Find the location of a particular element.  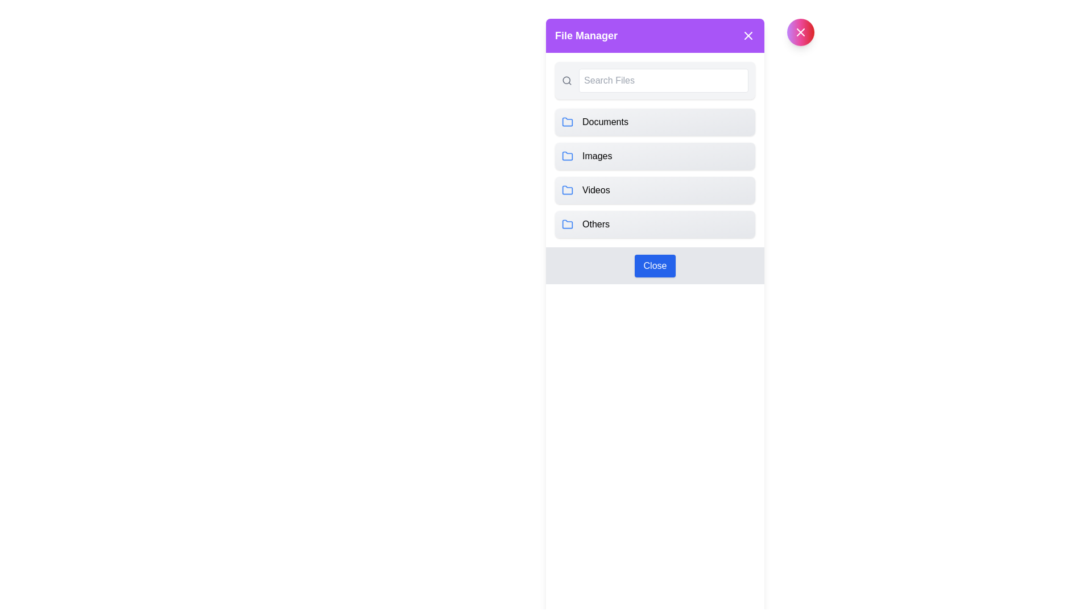

the 'X' icon within the circular close button located at the top-right corner of the File Manager interface to trigger visual feedback is located at coordinates (800, 32).